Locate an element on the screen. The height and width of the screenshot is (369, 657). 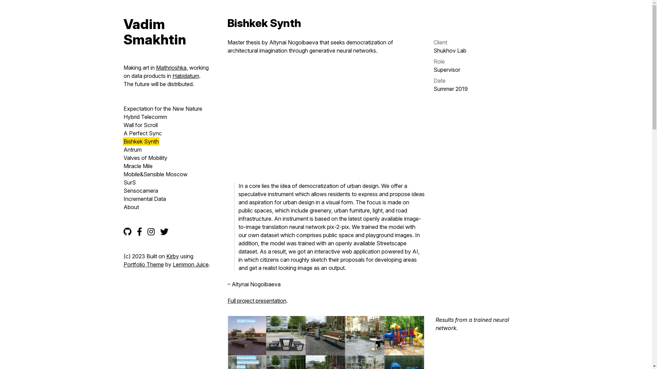
'Mathrioshka' is located at coordinates (171, 67).